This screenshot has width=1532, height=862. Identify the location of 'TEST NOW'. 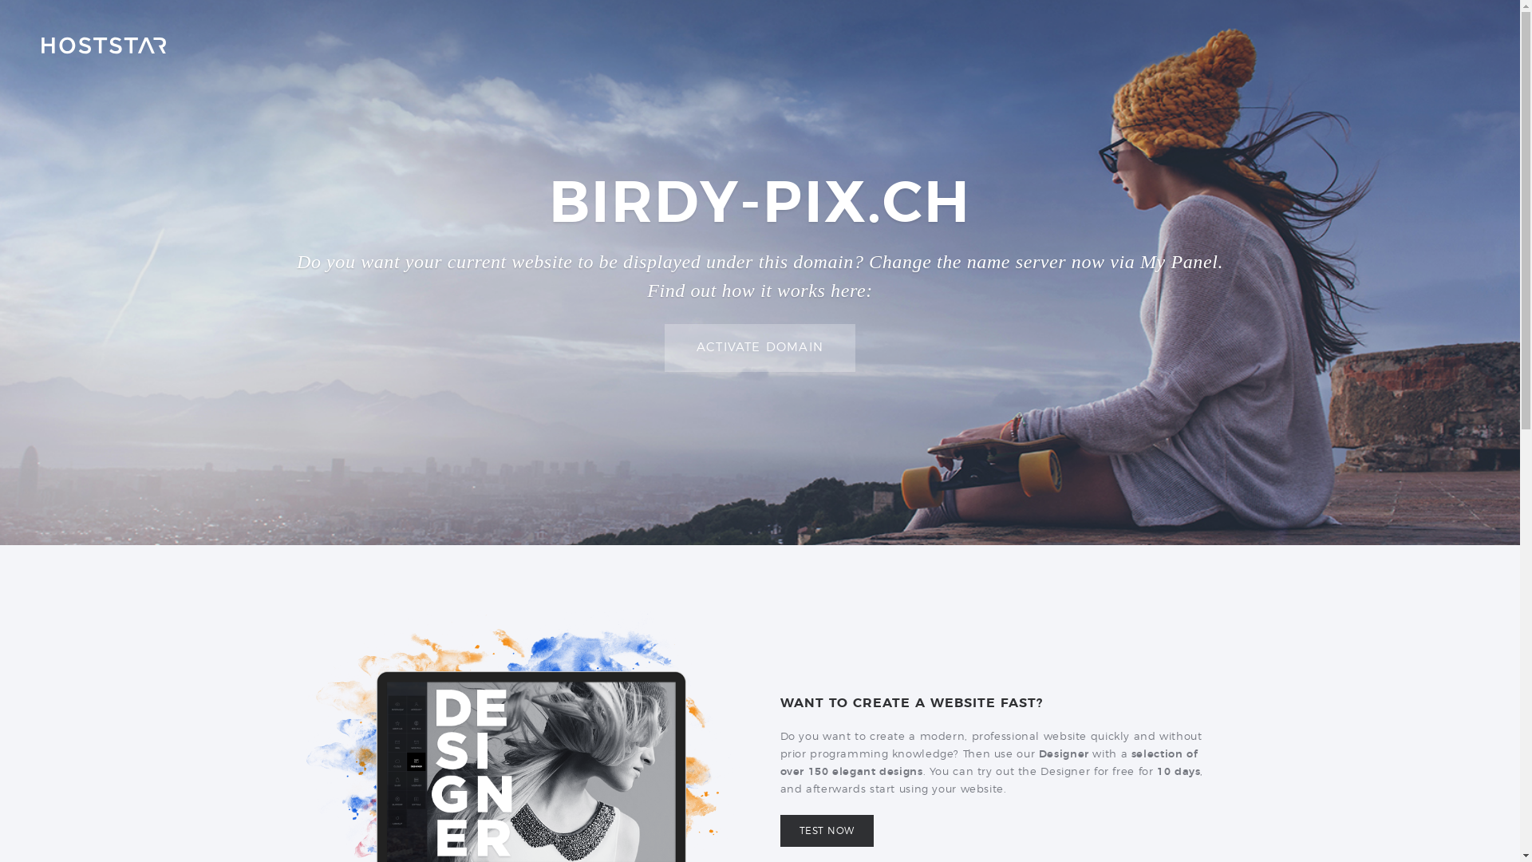
(780, 830).